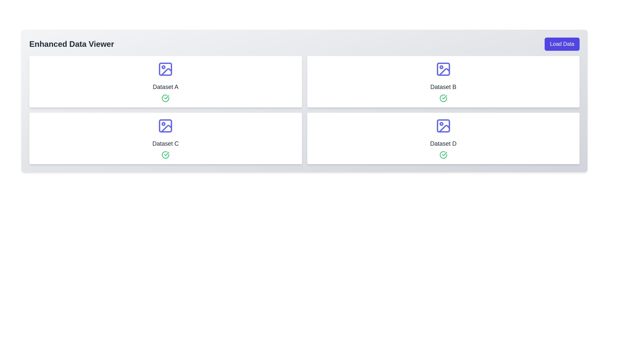 This screenshot has width=633, height=356. I want to click on the verification icon indicating that 'Dataset B' has been successfully validated, located below the 'Dataset B' label in the dataset card, so click(443, 98).